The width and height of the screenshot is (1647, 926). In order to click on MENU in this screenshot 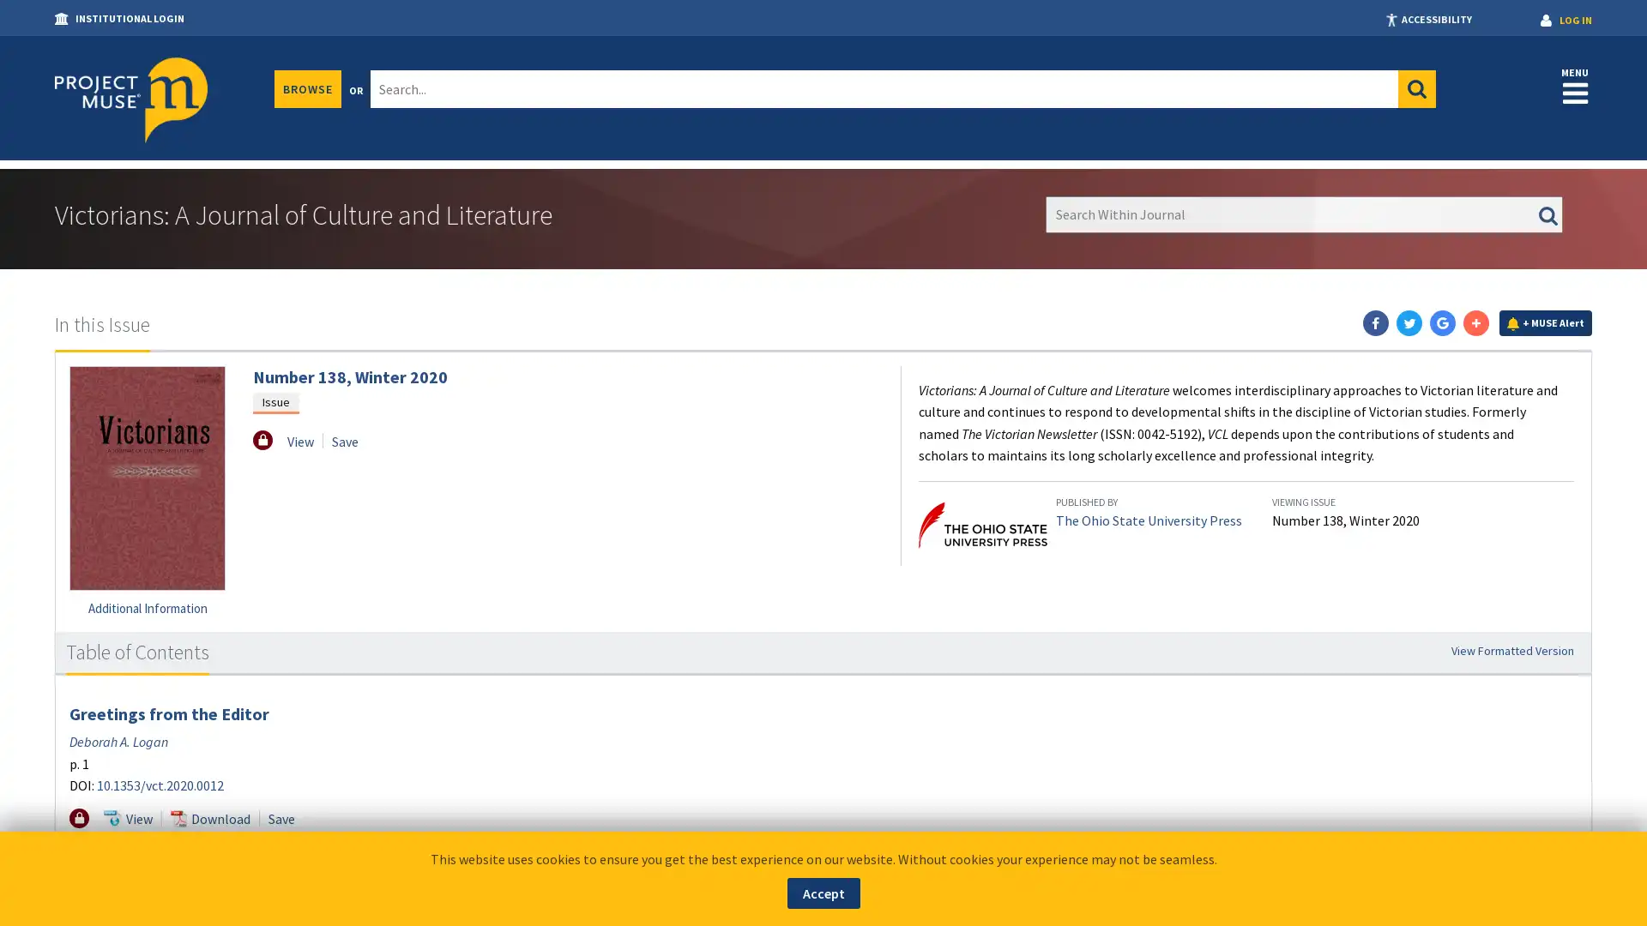, I will do `click(1575, 85)`.